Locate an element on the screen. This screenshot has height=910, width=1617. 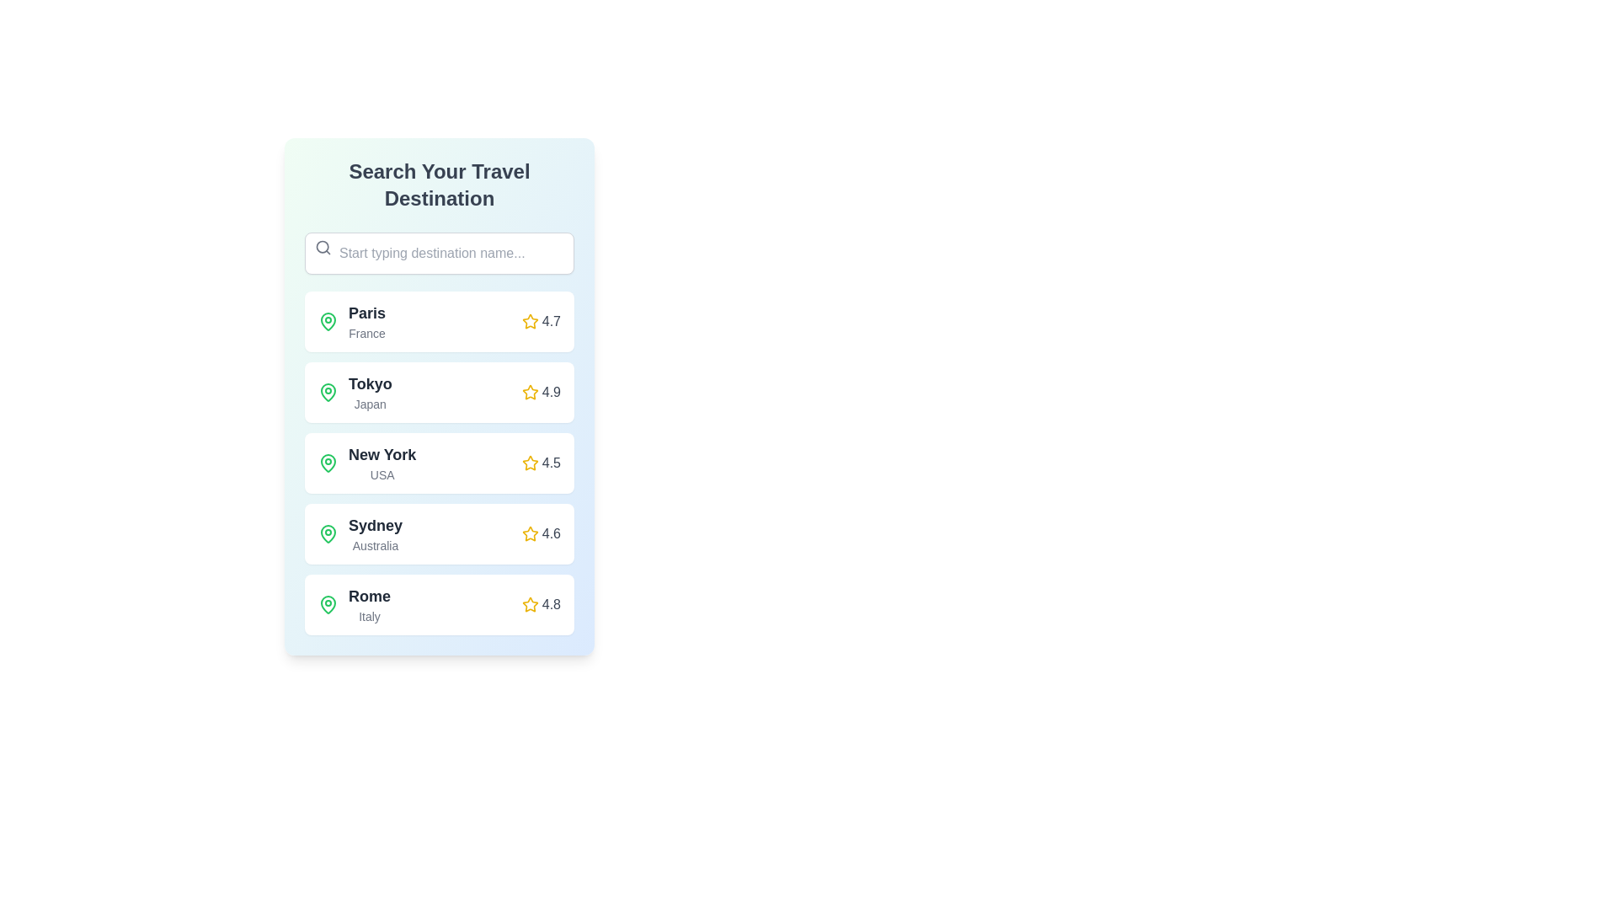
the numeric rating display of '4.8' in dark gray color, located in the rating section of the last card labeled 'Rome' in the travel destination listing is located at coordinates (541, 603).